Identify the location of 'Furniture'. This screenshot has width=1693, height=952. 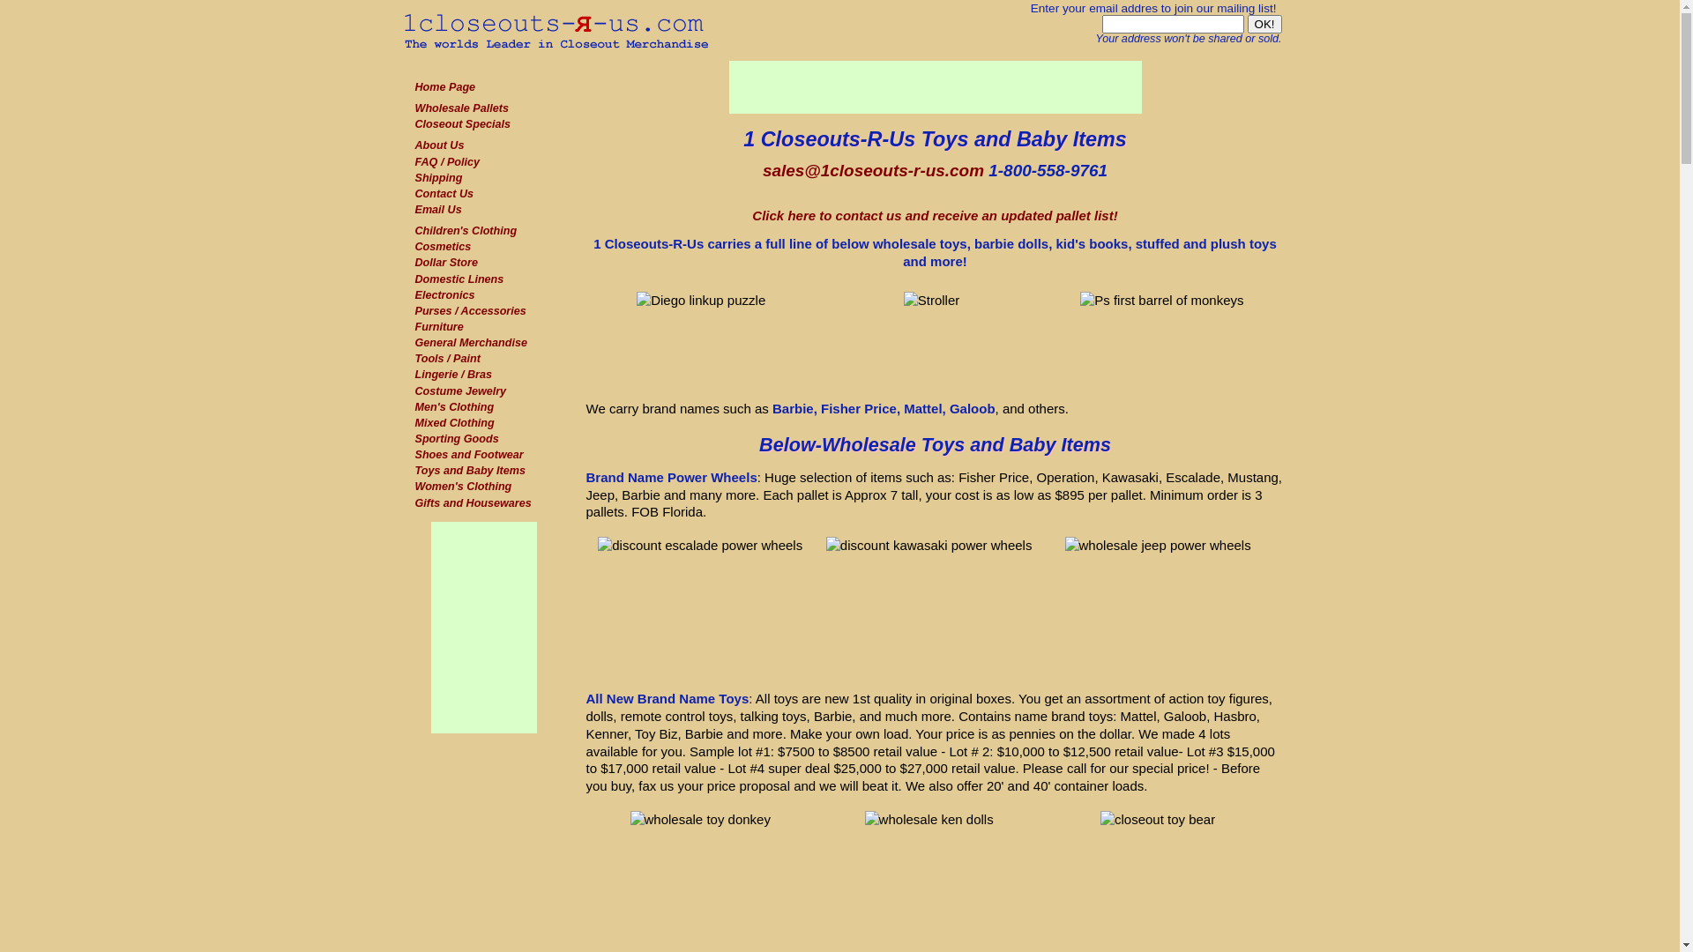
(438, 326).